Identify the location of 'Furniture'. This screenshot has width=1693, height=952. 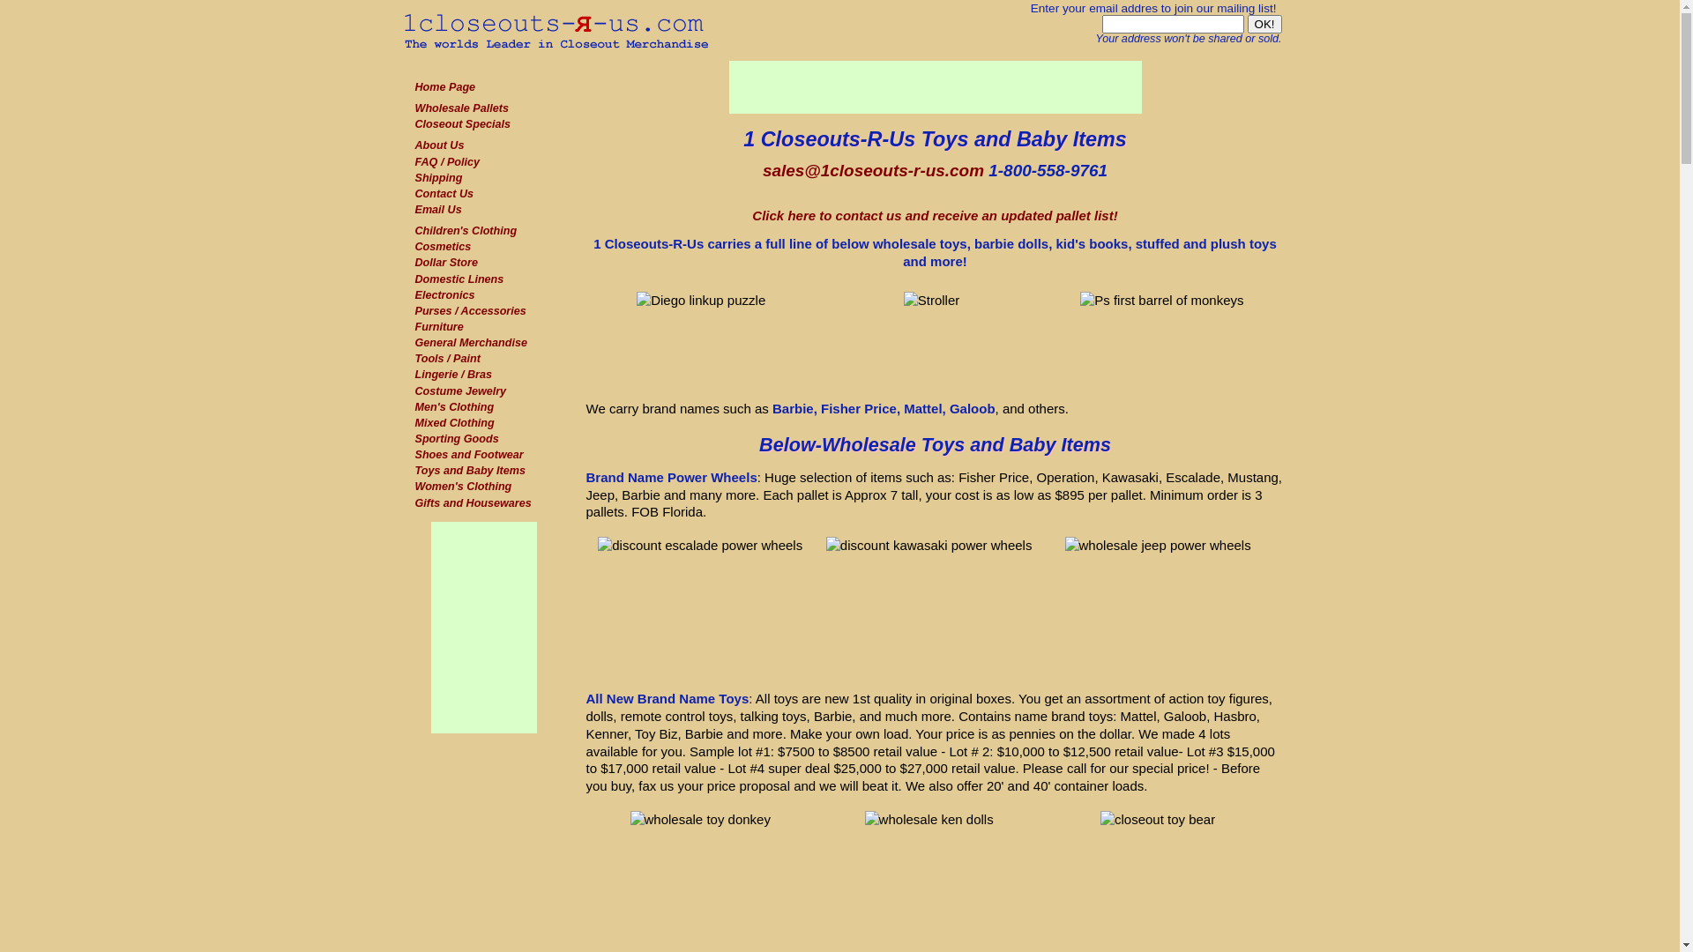
(438, 326).